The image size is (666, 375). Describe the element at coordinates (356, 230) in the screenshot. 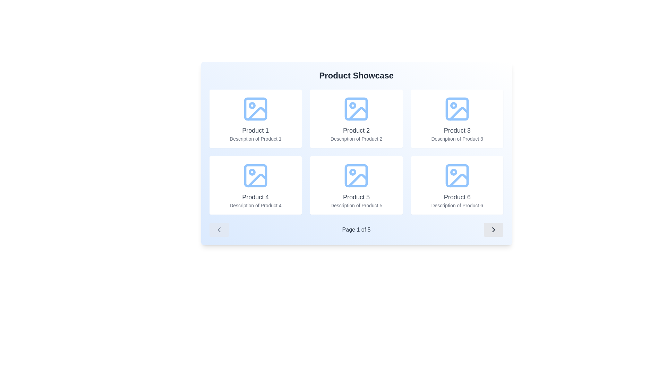

I see `the text label that displays the current page number and total number of pages, located in the middle of the bottom bar, between a disabled button and a navigation arrow symbol` at that location.